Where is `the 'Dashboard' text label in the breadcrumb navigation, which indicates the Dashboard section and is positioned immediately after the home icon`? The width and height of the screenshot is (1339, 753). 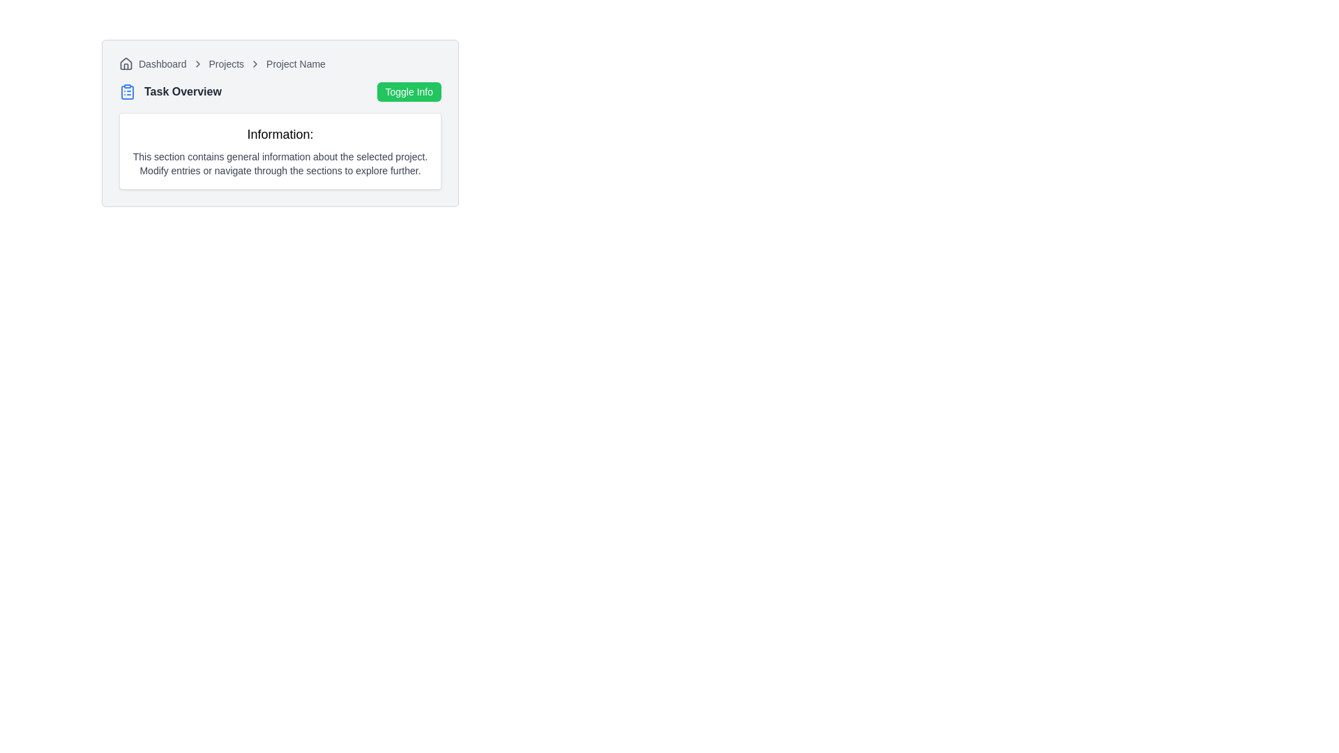 the 'Dashboard' text label in the breadcrumb navigation, which indicates the Dashboard section and is positioned immediately after the home icon is located at coordinates (162, 64).